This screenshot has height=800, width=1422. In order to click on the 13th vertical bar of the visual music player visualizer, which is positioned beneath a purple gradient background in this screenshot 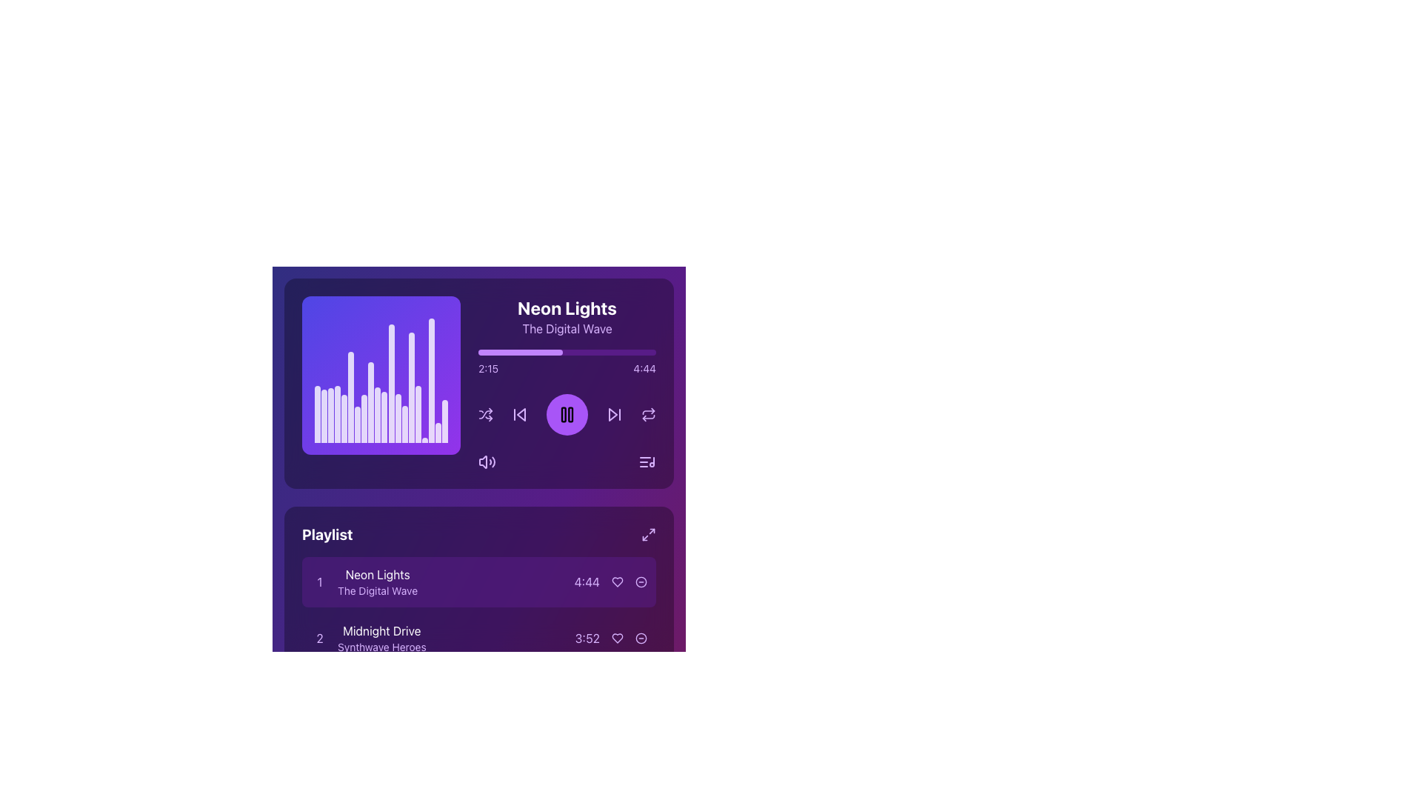, I will do `click(398, 418)`.